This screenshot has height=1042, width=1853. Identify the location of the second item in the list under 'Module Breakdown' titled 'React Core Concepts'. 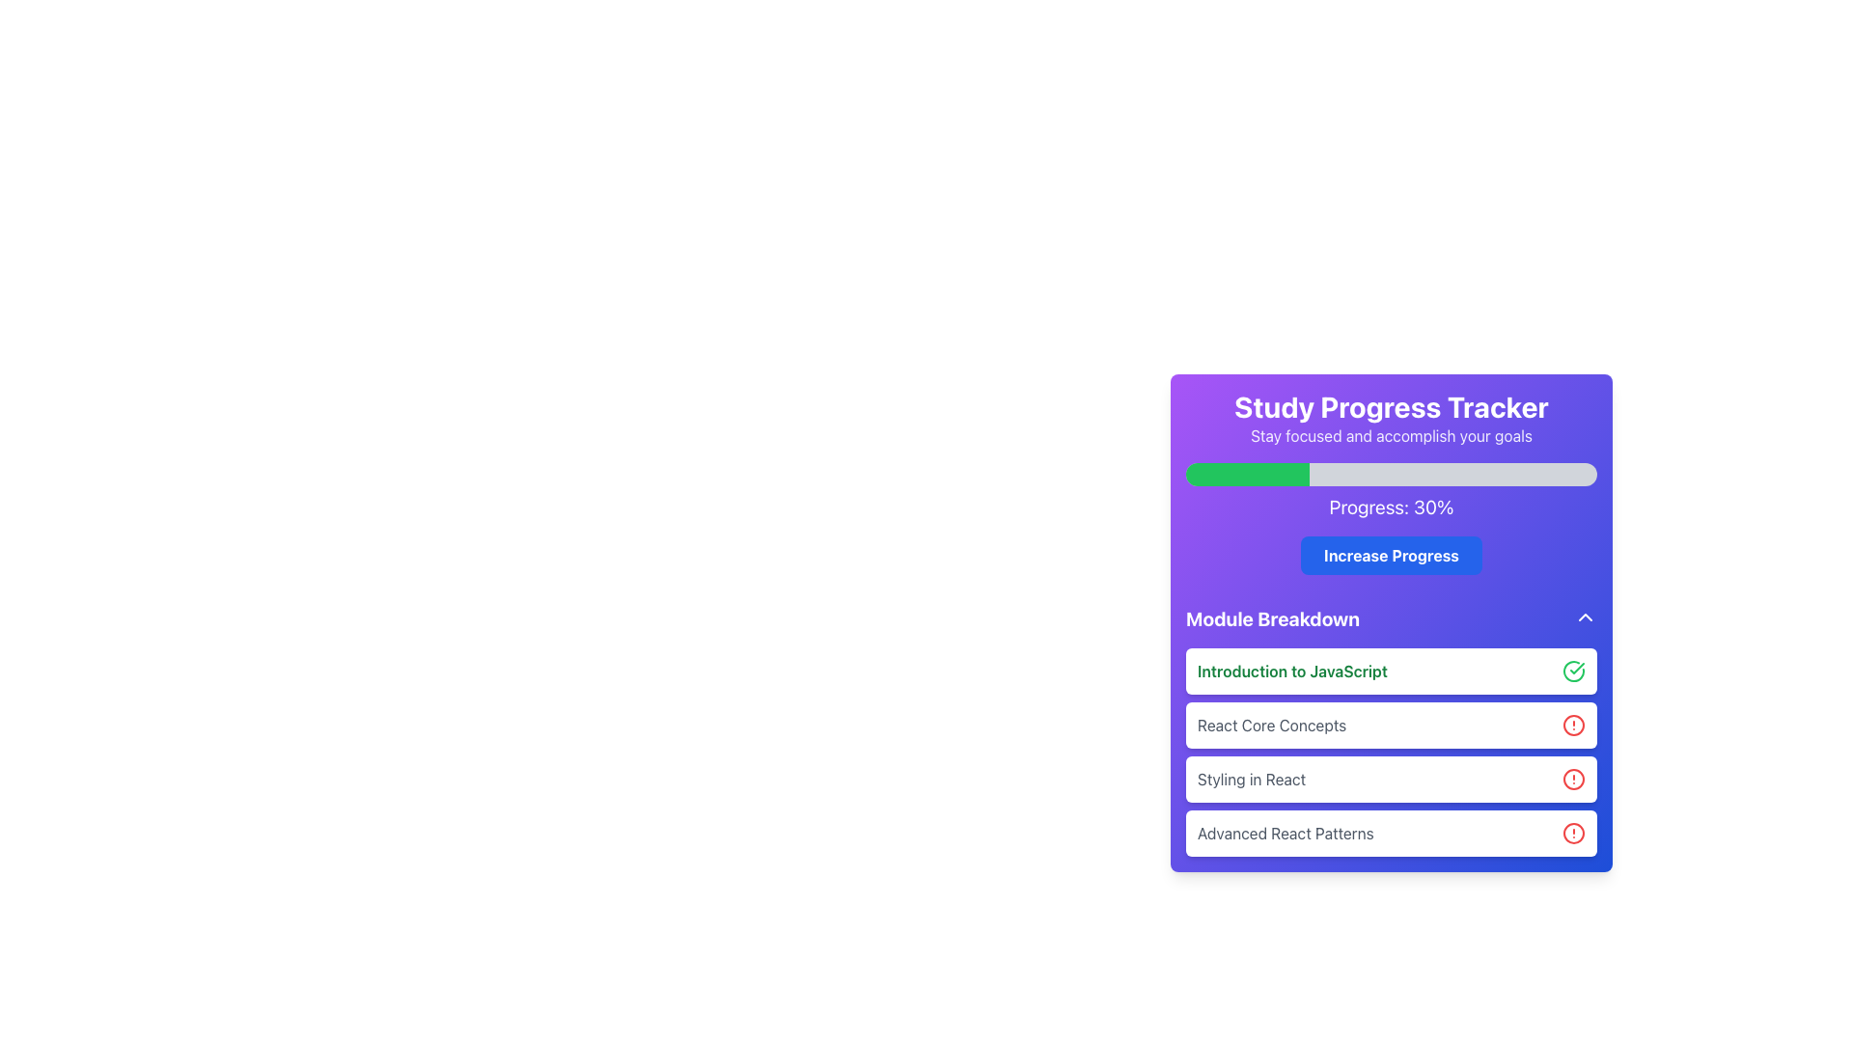
(1391, 726).